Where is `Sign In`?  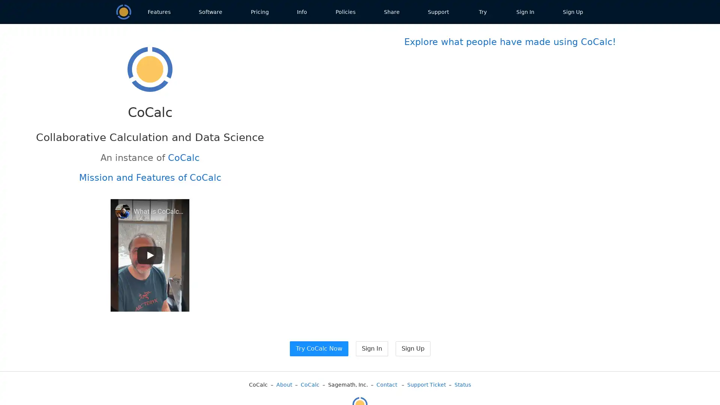 Sign In is located at coordinates (371, 348).